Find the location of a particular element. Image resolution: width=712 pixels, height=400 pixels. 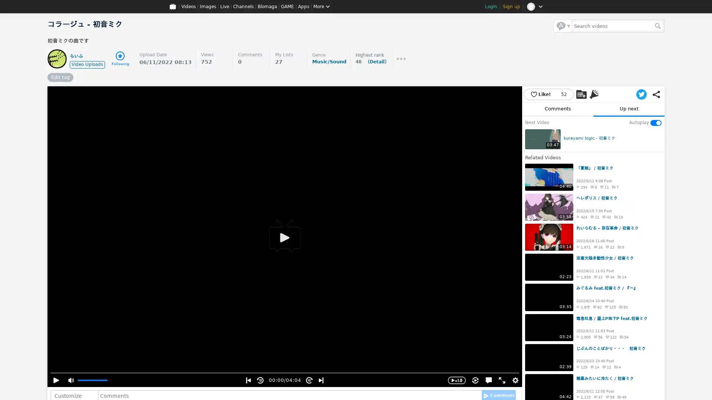

Post to Twitter is located at coordinates (641, 94).